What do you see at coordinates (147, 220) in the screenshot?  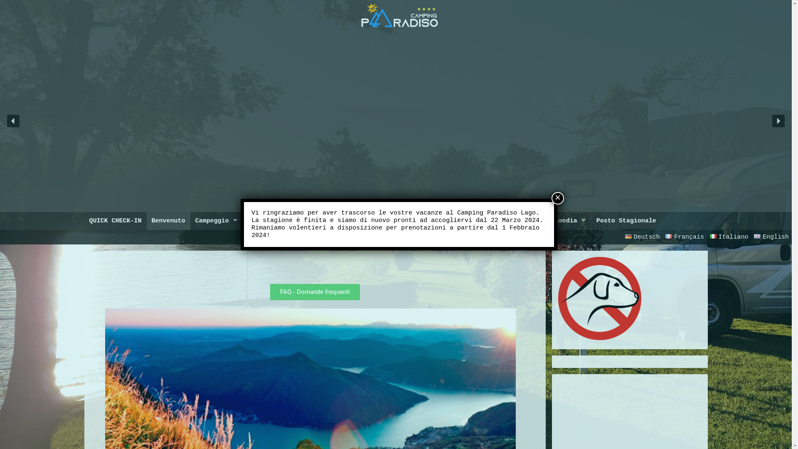 I see `'Benvenuto'` at bounding box center [147, 220].